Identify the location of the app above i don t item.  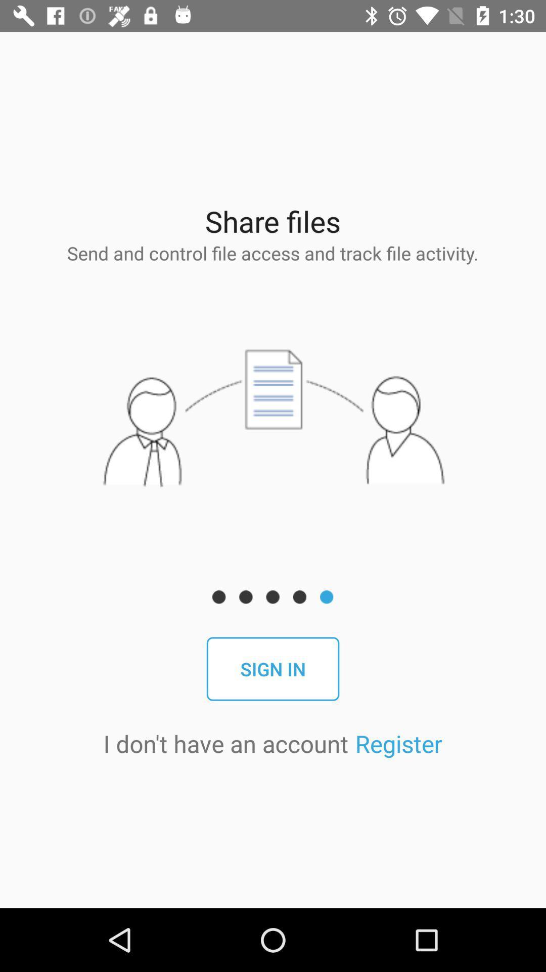
(273, 669).